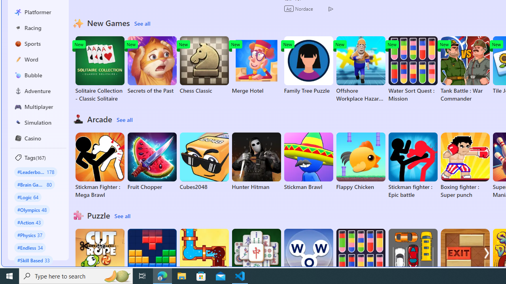  What do you see at coordinates (99, 165) in the screenshot?
I see `'Stickman Fighter : Mega Brawl'` at bounding box center [99, 165].